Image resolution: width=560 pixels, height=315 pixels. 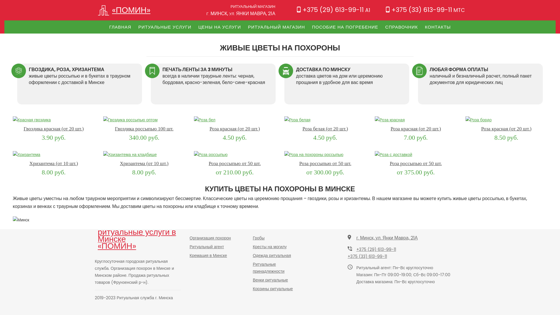 What do you see at coordinates (333, 10) in the screenshot?
I see `'+375 (29) 613-99-11 A1'` at bounding box center [333, 10].